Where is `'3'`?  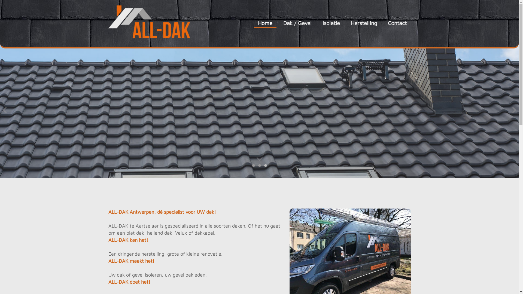 '3' is located at coordinates (265, 165).